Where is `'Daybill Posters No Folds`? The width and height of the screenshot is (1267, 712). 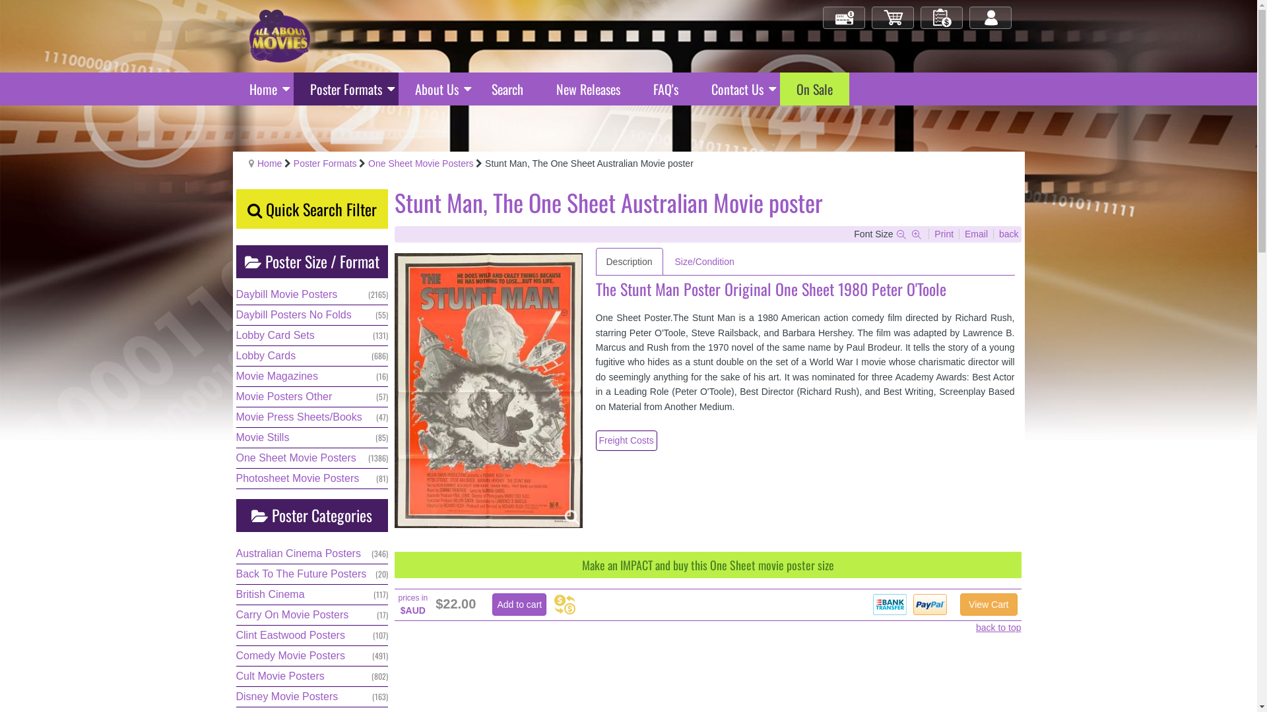
'Daybill Posters No Folds is located at coordinates (311, 315).